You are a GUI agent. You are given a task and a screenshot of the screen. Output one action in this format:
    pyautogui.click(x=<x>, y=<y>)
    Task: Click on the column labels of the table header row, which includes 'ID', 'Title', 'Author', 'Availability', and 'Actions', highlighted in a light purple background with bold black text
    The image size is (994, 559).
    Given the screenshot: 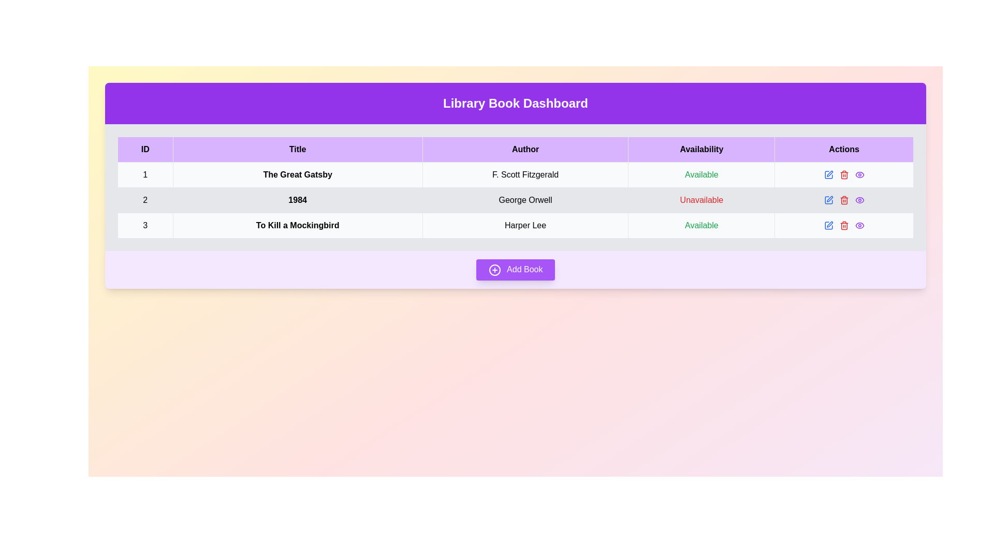 What is the action you would take?
    pyautogui.click(x=516, y=150)
    